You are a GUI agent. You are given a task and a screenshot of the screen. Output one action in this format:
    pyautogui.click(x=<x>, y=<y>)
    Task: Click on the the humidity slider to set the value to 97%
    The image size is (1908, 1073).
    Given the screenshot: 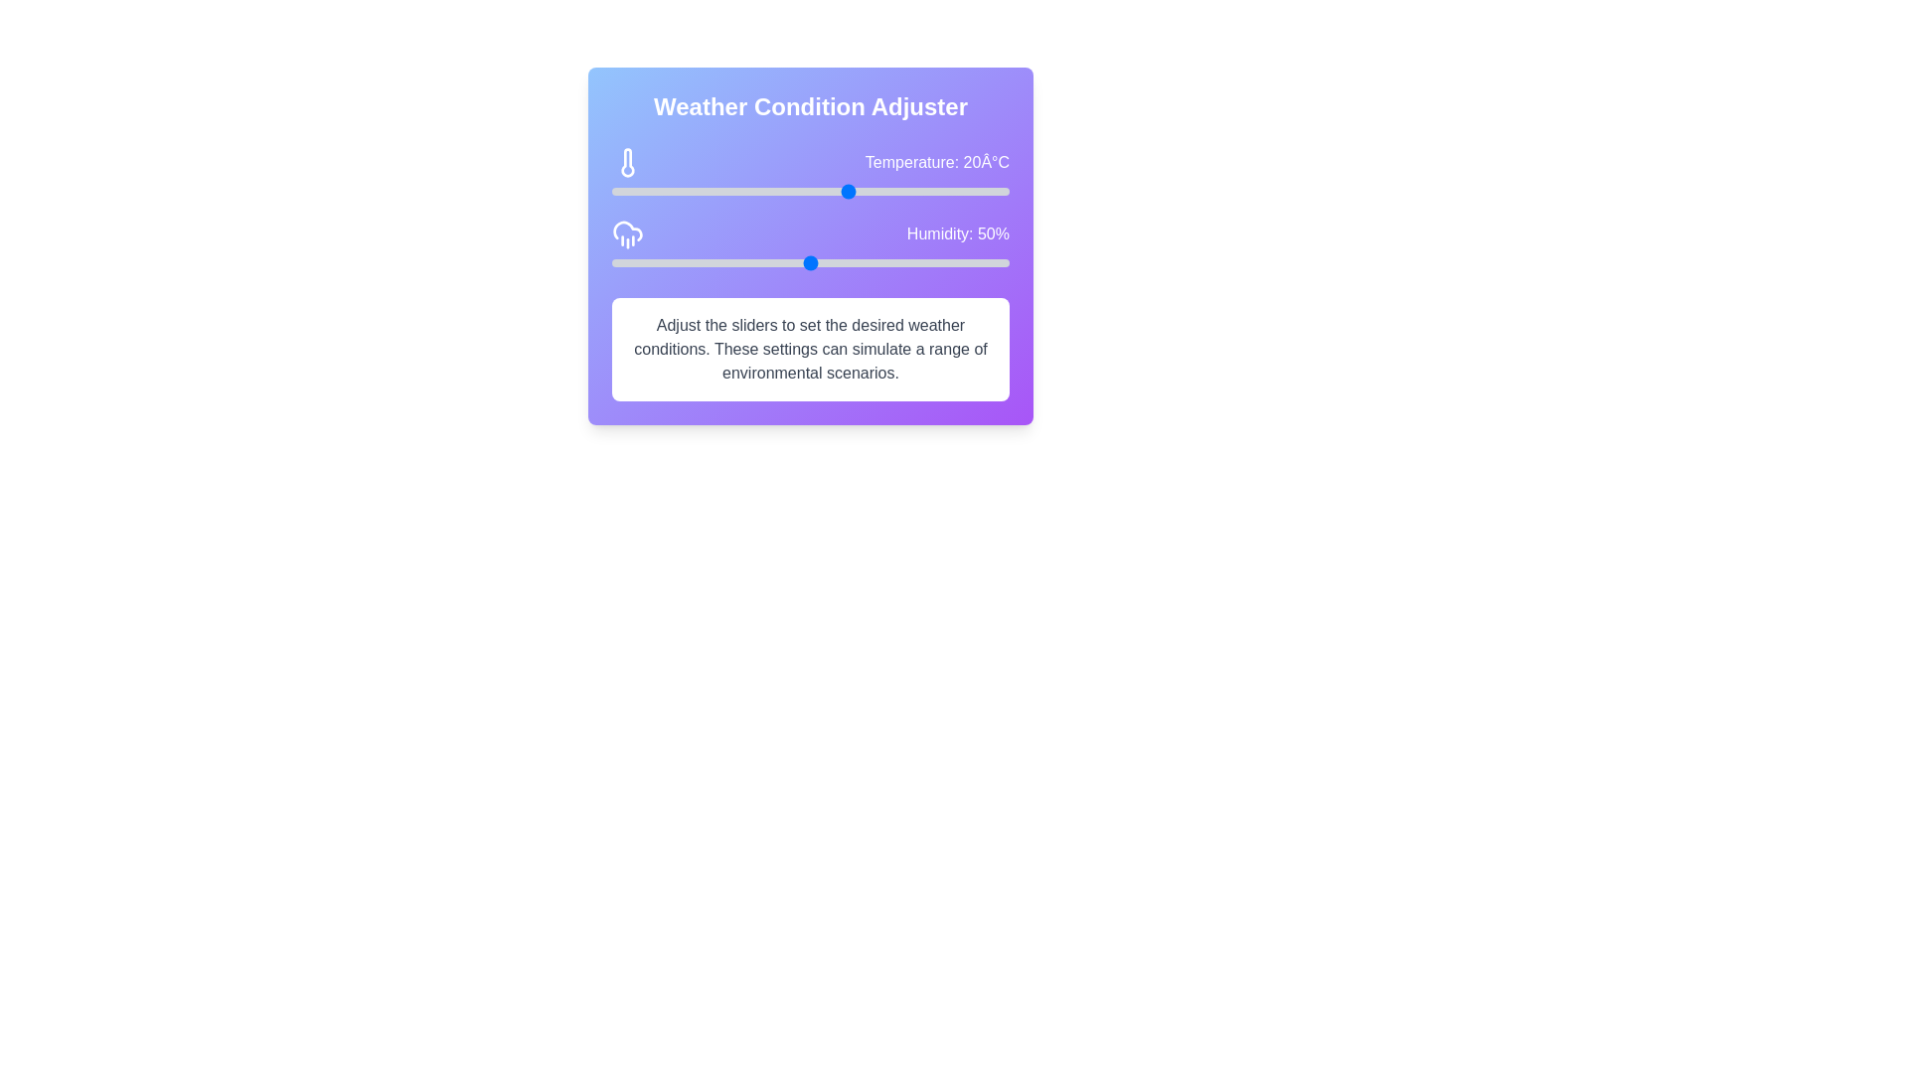 What is the action you would take?
    pyautogui.click(x=997, y=262)
    